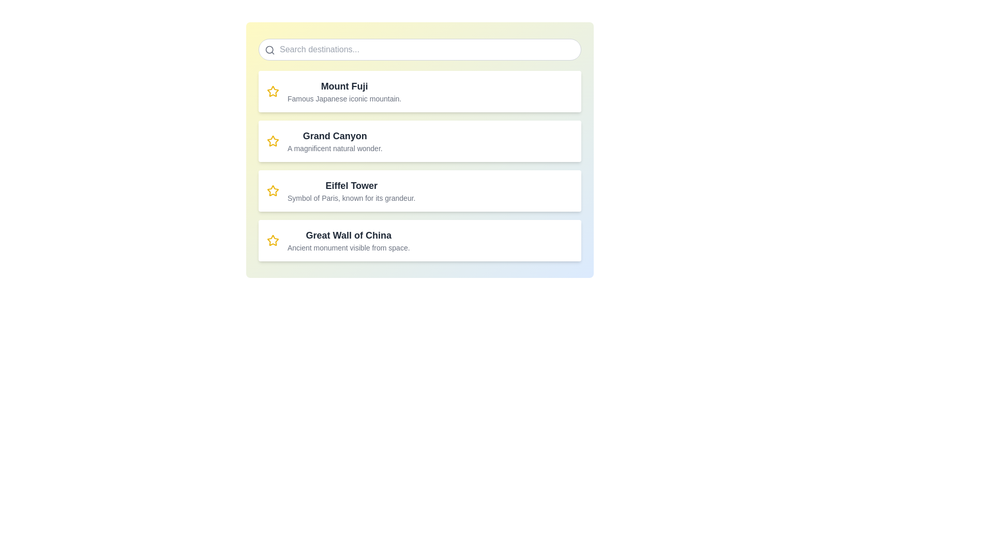 The height and width of the screenshot is (559, 993). What do you see at coordinates (349, 236) in the screenshot?
I see `the text element that reads 'Great Wall of China,' which is styled as a bold title in dark color, located in the fourth item of a vertical list of destinations` at bounding box center [349, 236].